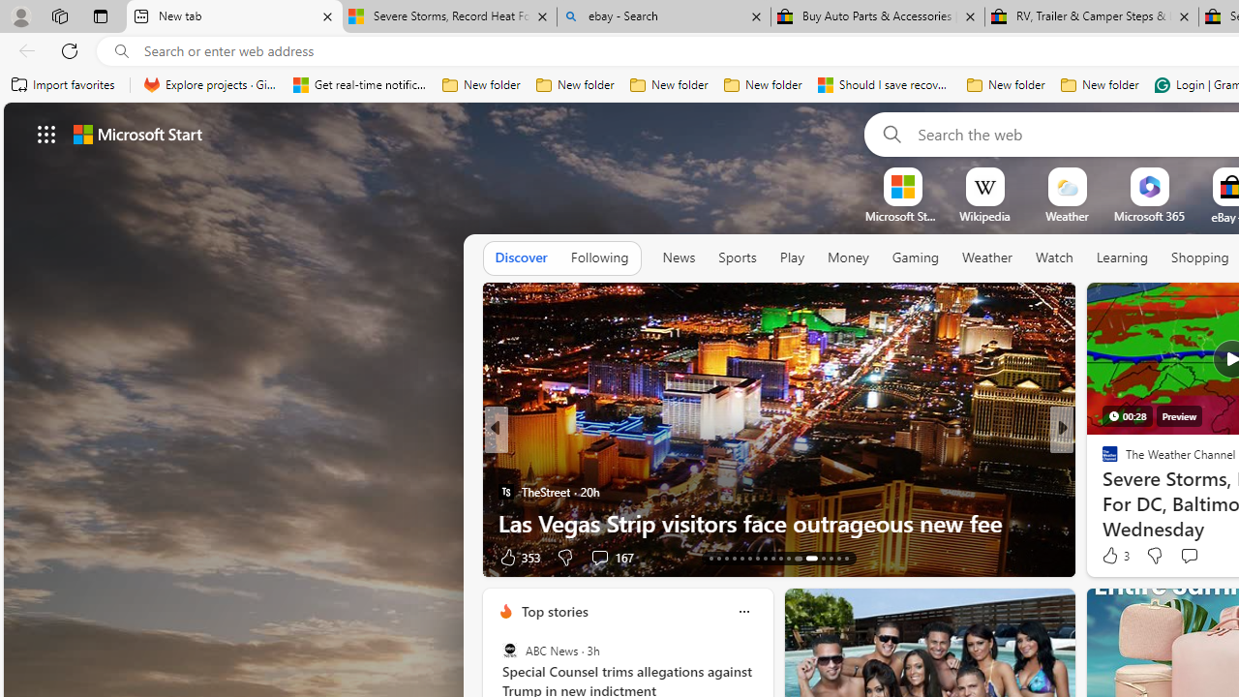  I want to click on 'AutomationID: tab-21', so click(771, 559).